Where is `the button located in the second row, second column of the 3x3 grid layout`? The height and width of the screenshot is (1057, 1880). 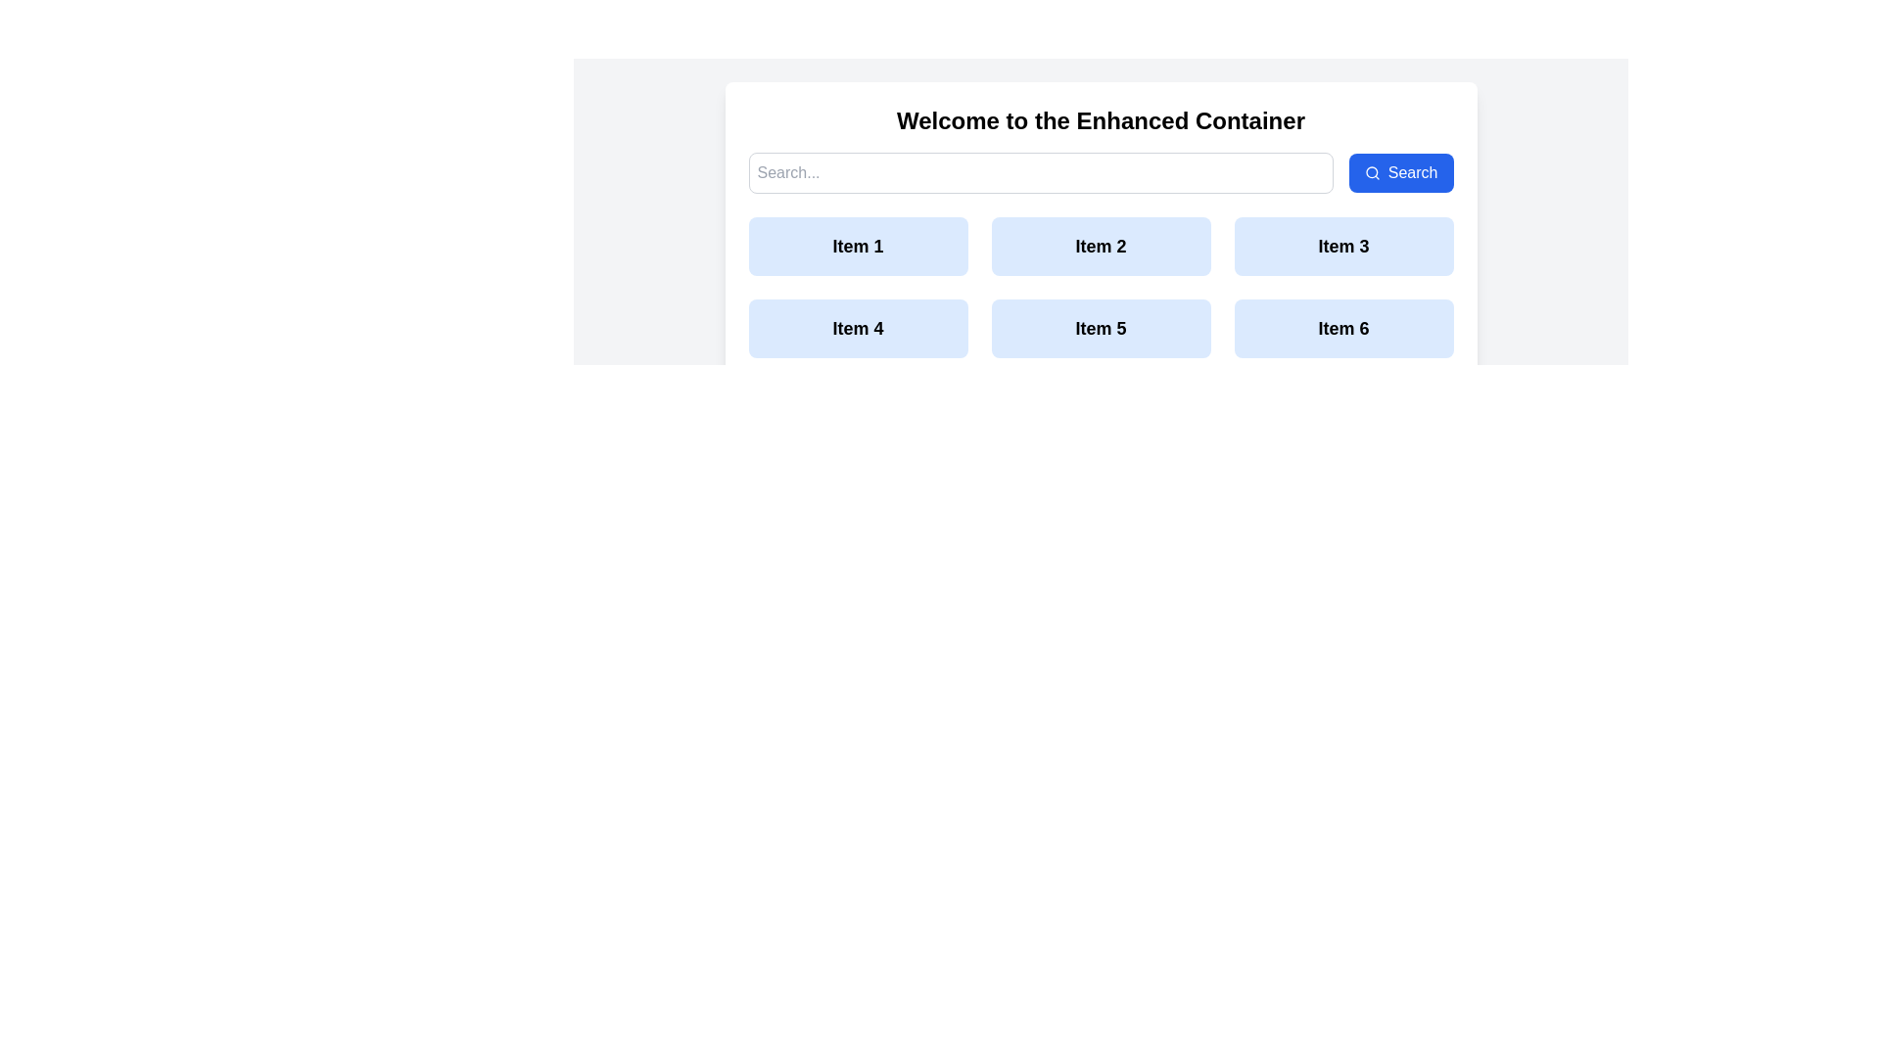
the button located in the second row, second column of the 3x3 grid layout is located at coordinates (1101, 327).